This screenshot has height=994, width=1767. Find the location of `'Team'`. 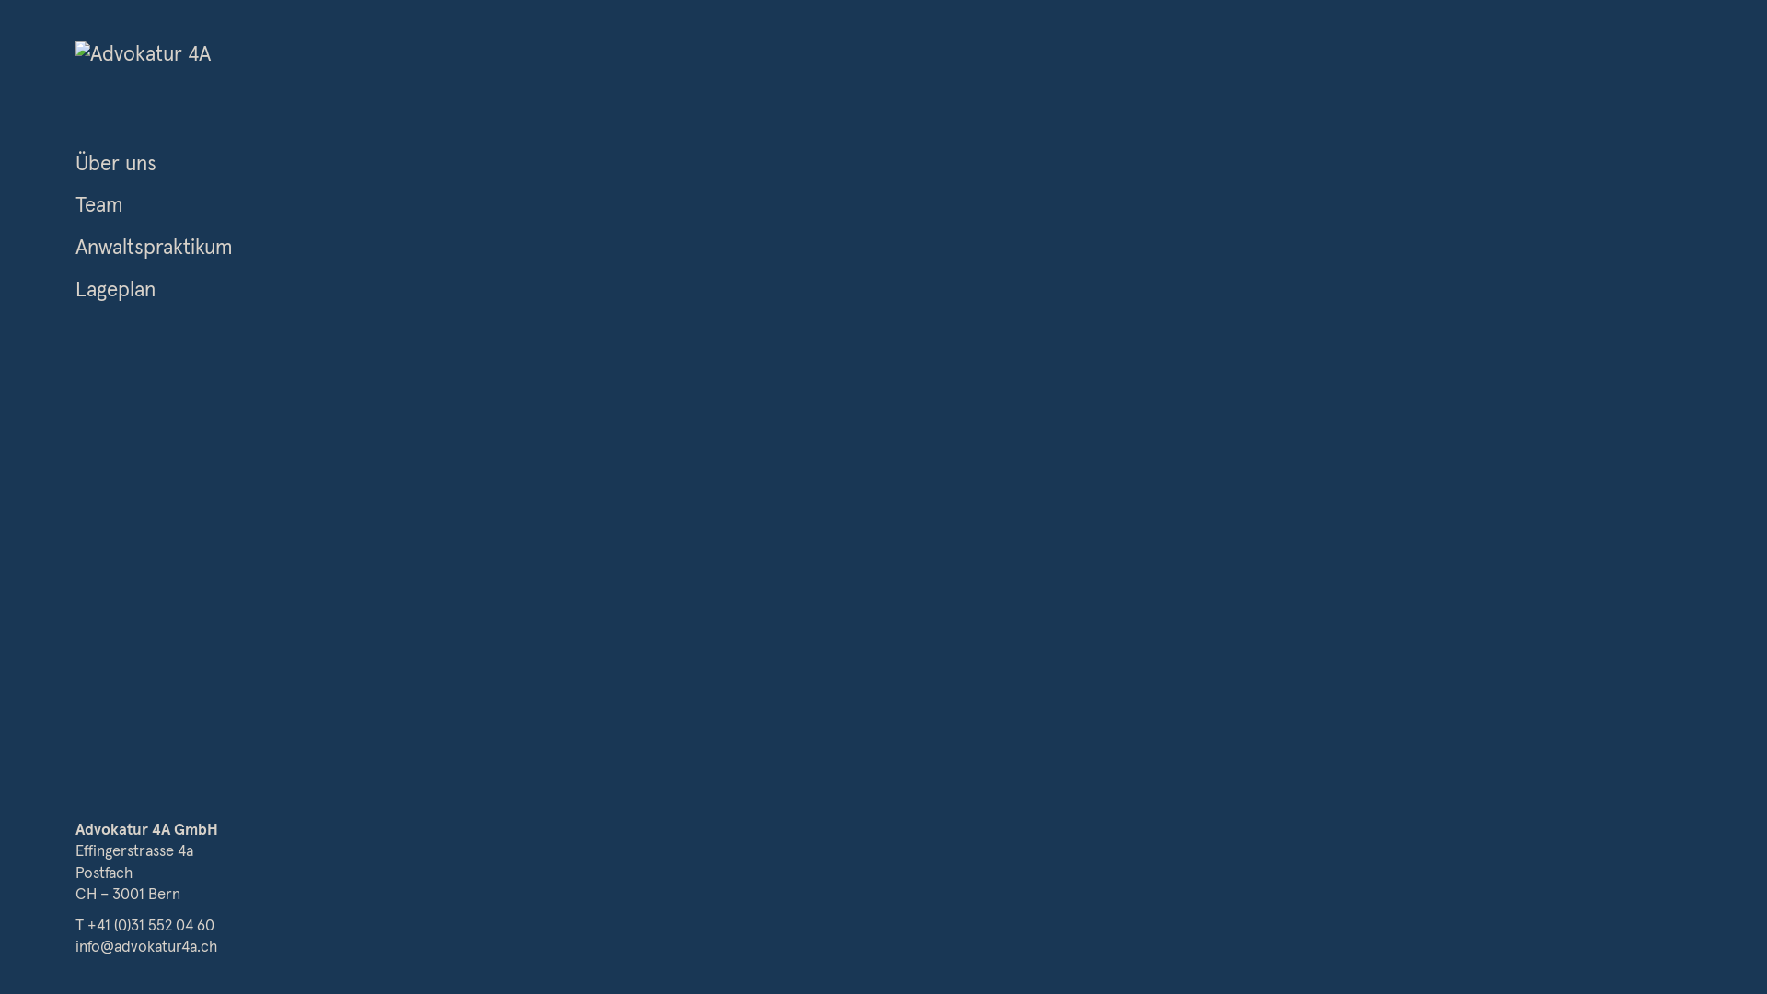

'Team' is located at coordinates (98, 205).